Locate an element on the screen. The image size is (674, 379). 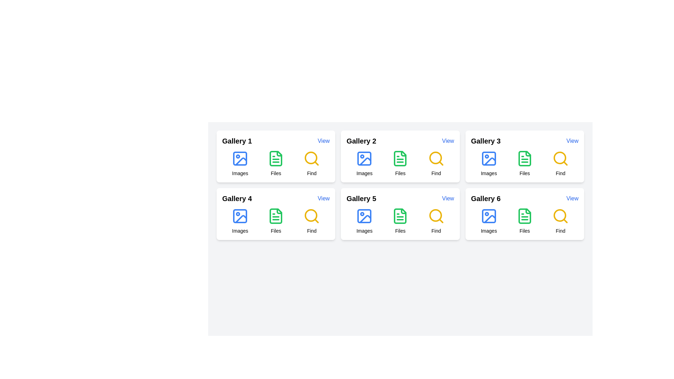
the card titled 'Gallery 6' located in the bottom-right corner of the grid layout to emphasize its shadow effect is located at coordinates (524, 213).